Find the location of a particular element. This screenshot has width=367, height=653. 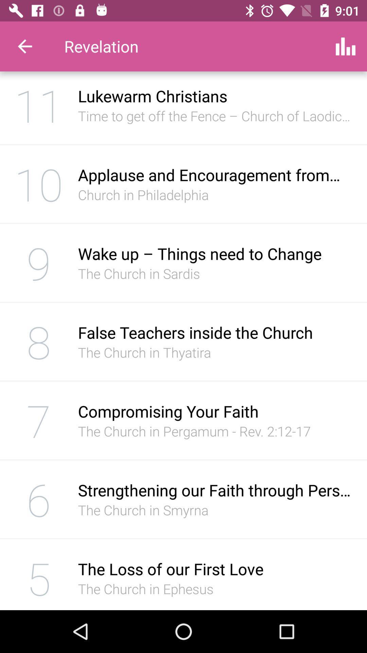

icon next to the revelation item is located at coordinates (24, 46).